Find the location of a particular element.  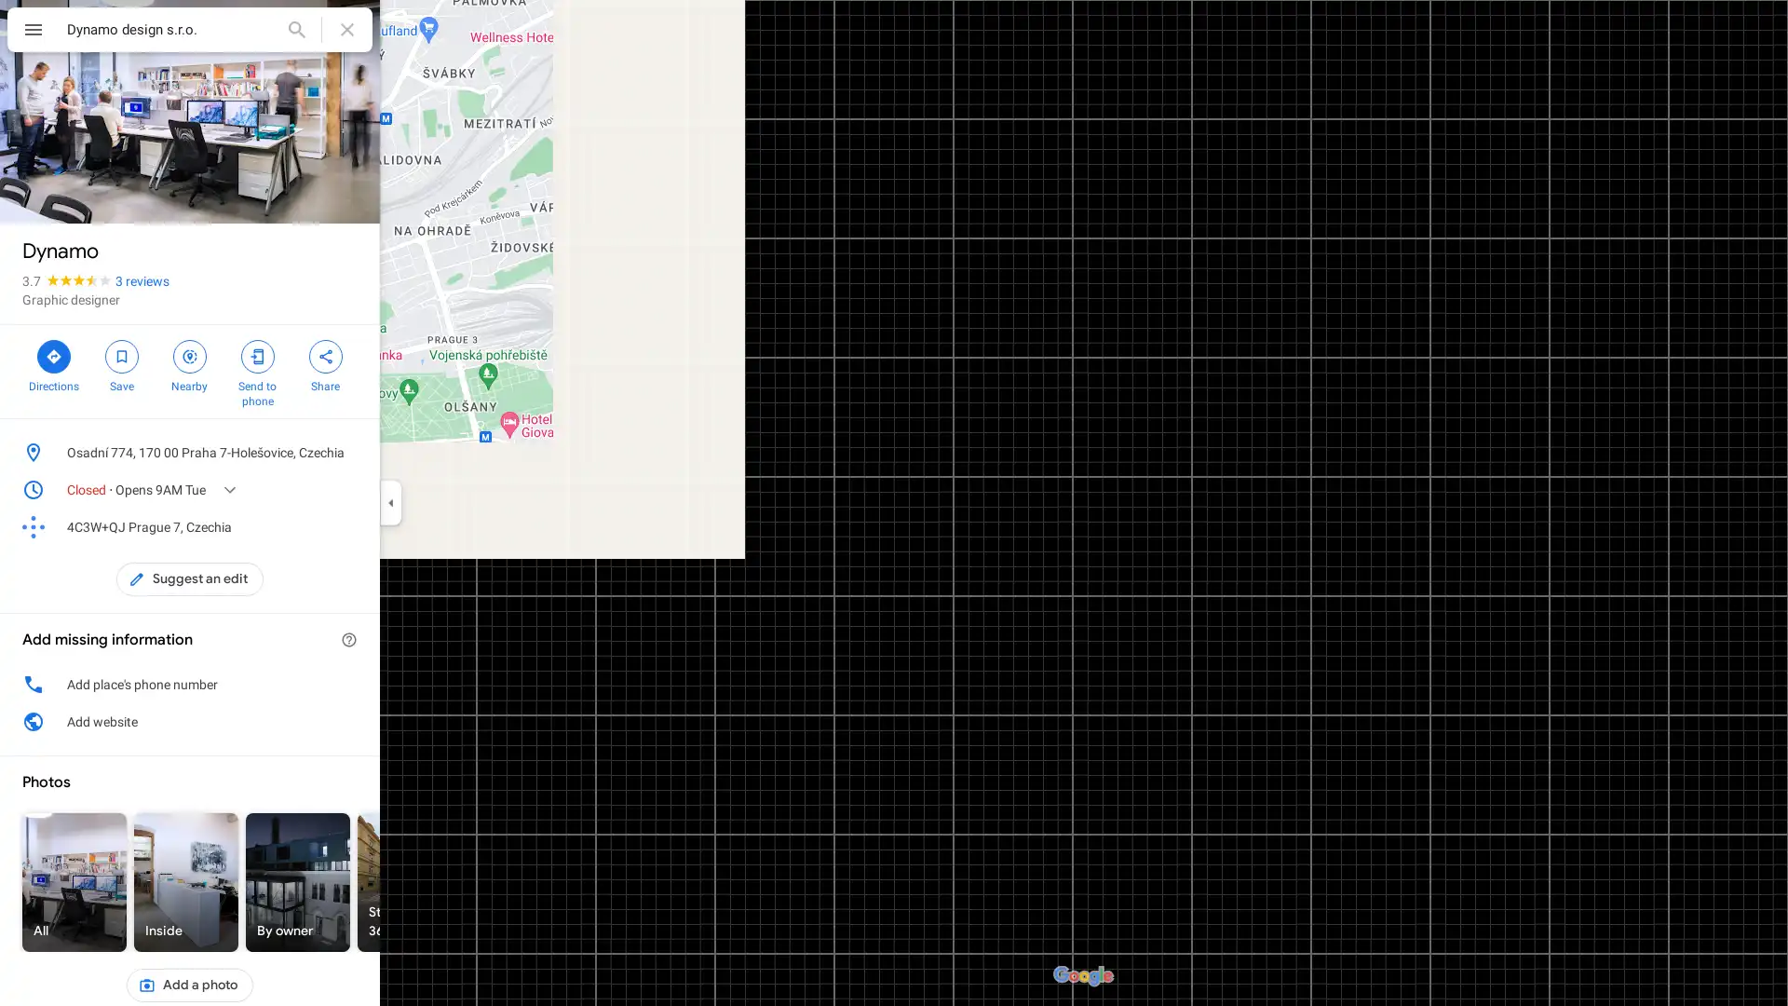

3 reviews is located at coordinates (142, 280).